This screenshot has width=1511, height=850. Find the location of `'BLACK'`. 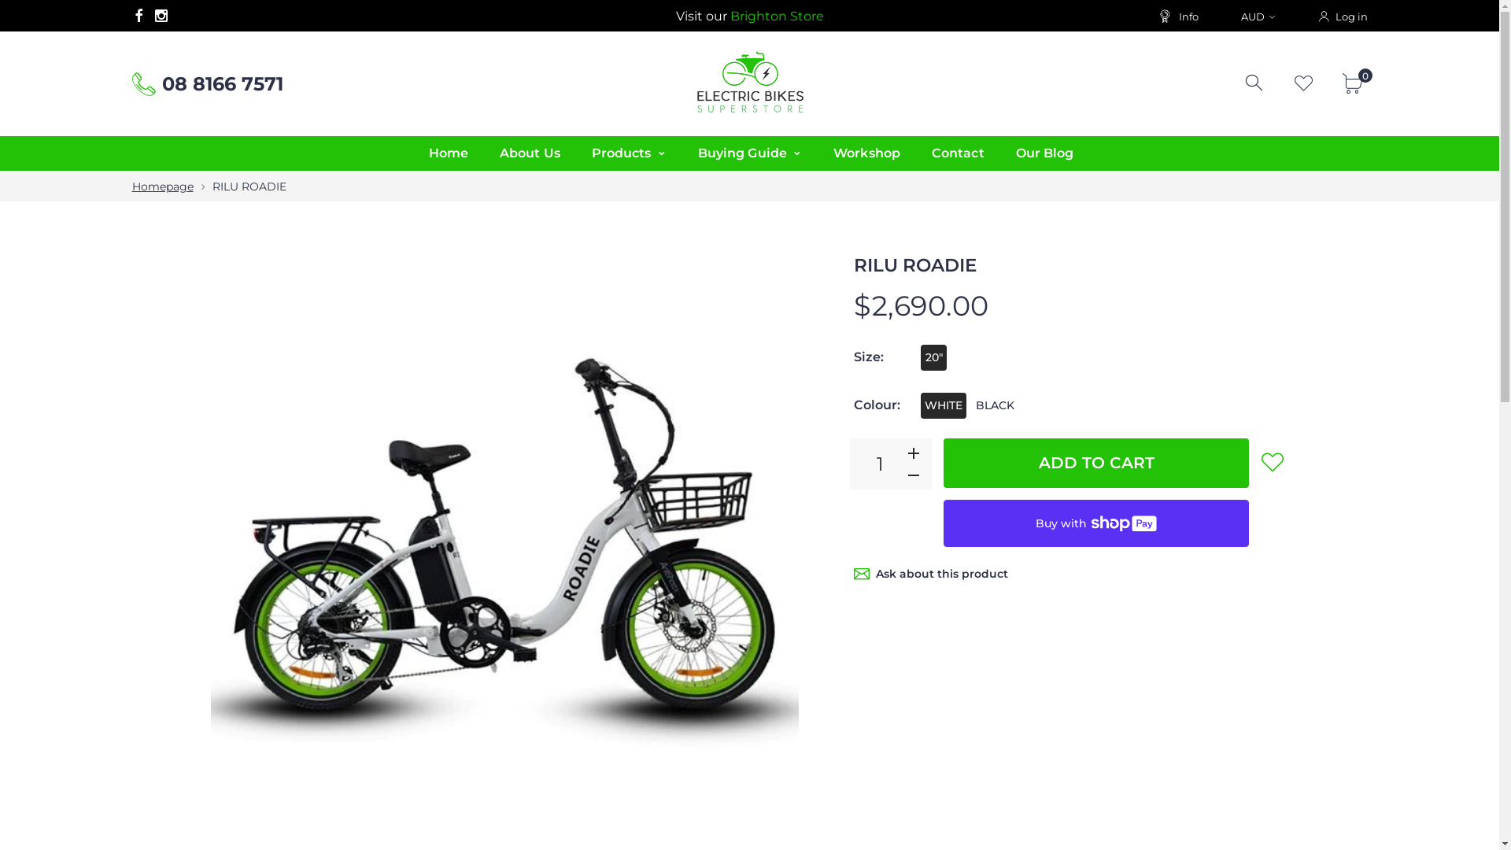

'BLACK' is located at coordinates (994, 405).